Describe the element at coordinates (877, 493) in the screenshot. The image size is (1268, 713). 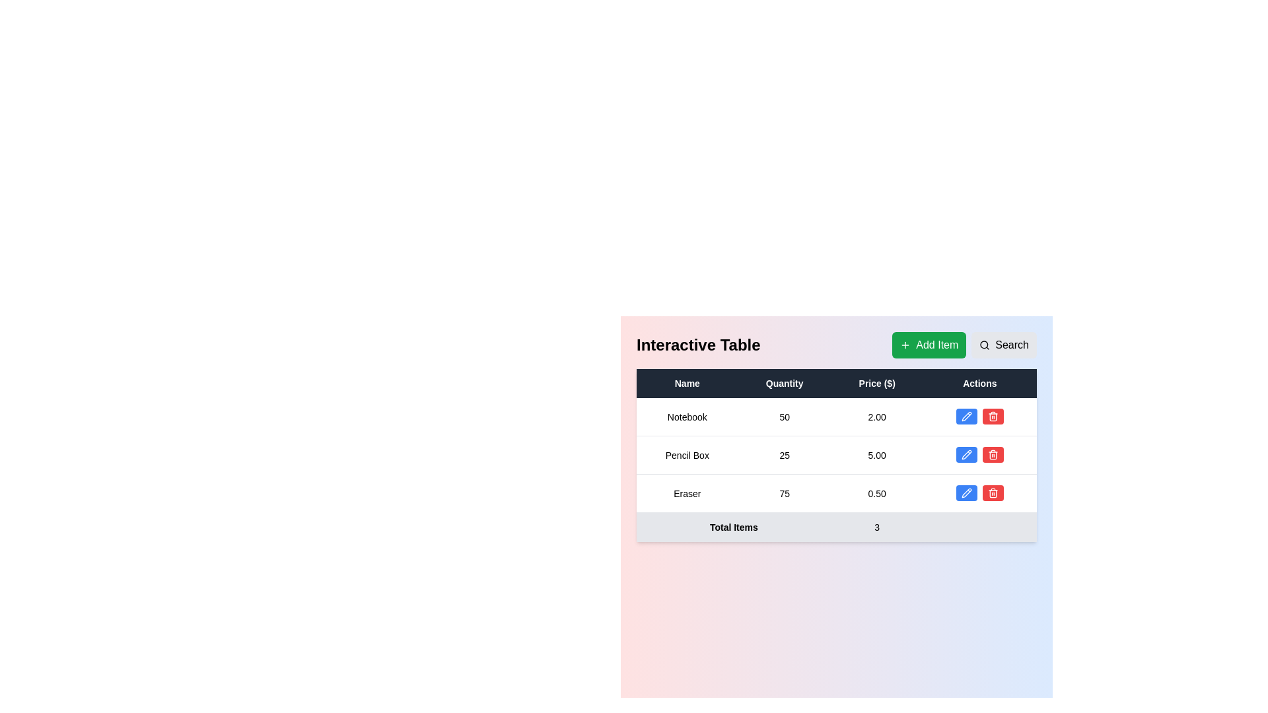
I see `the Text Label displaying the price of the item 'Eraser' in the third row of the table under the 'Price ($)' column` at that location.